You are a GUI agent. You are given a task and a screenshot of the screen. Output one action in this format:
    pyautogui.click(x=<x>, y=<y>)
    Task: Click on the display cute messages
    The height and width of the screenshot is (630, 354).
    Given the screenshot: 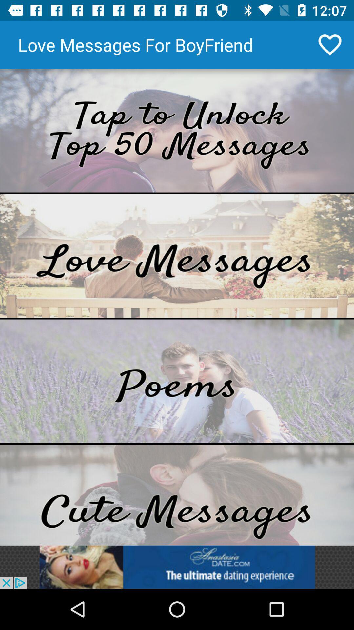 What is the action you would take?
    pyautogui.click(x=177, y=495)
    